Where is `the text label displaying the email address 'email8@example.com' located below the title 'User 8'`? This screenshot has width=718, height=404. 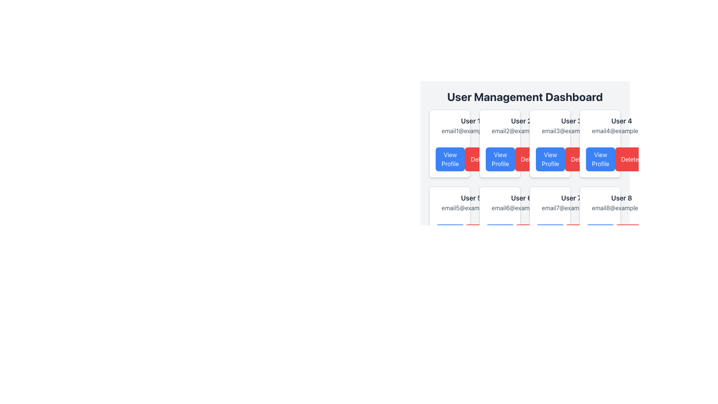
the text label displaying the email address 'email8@example.com' located below the title 'User 8' is located at coordinates (622, 208).